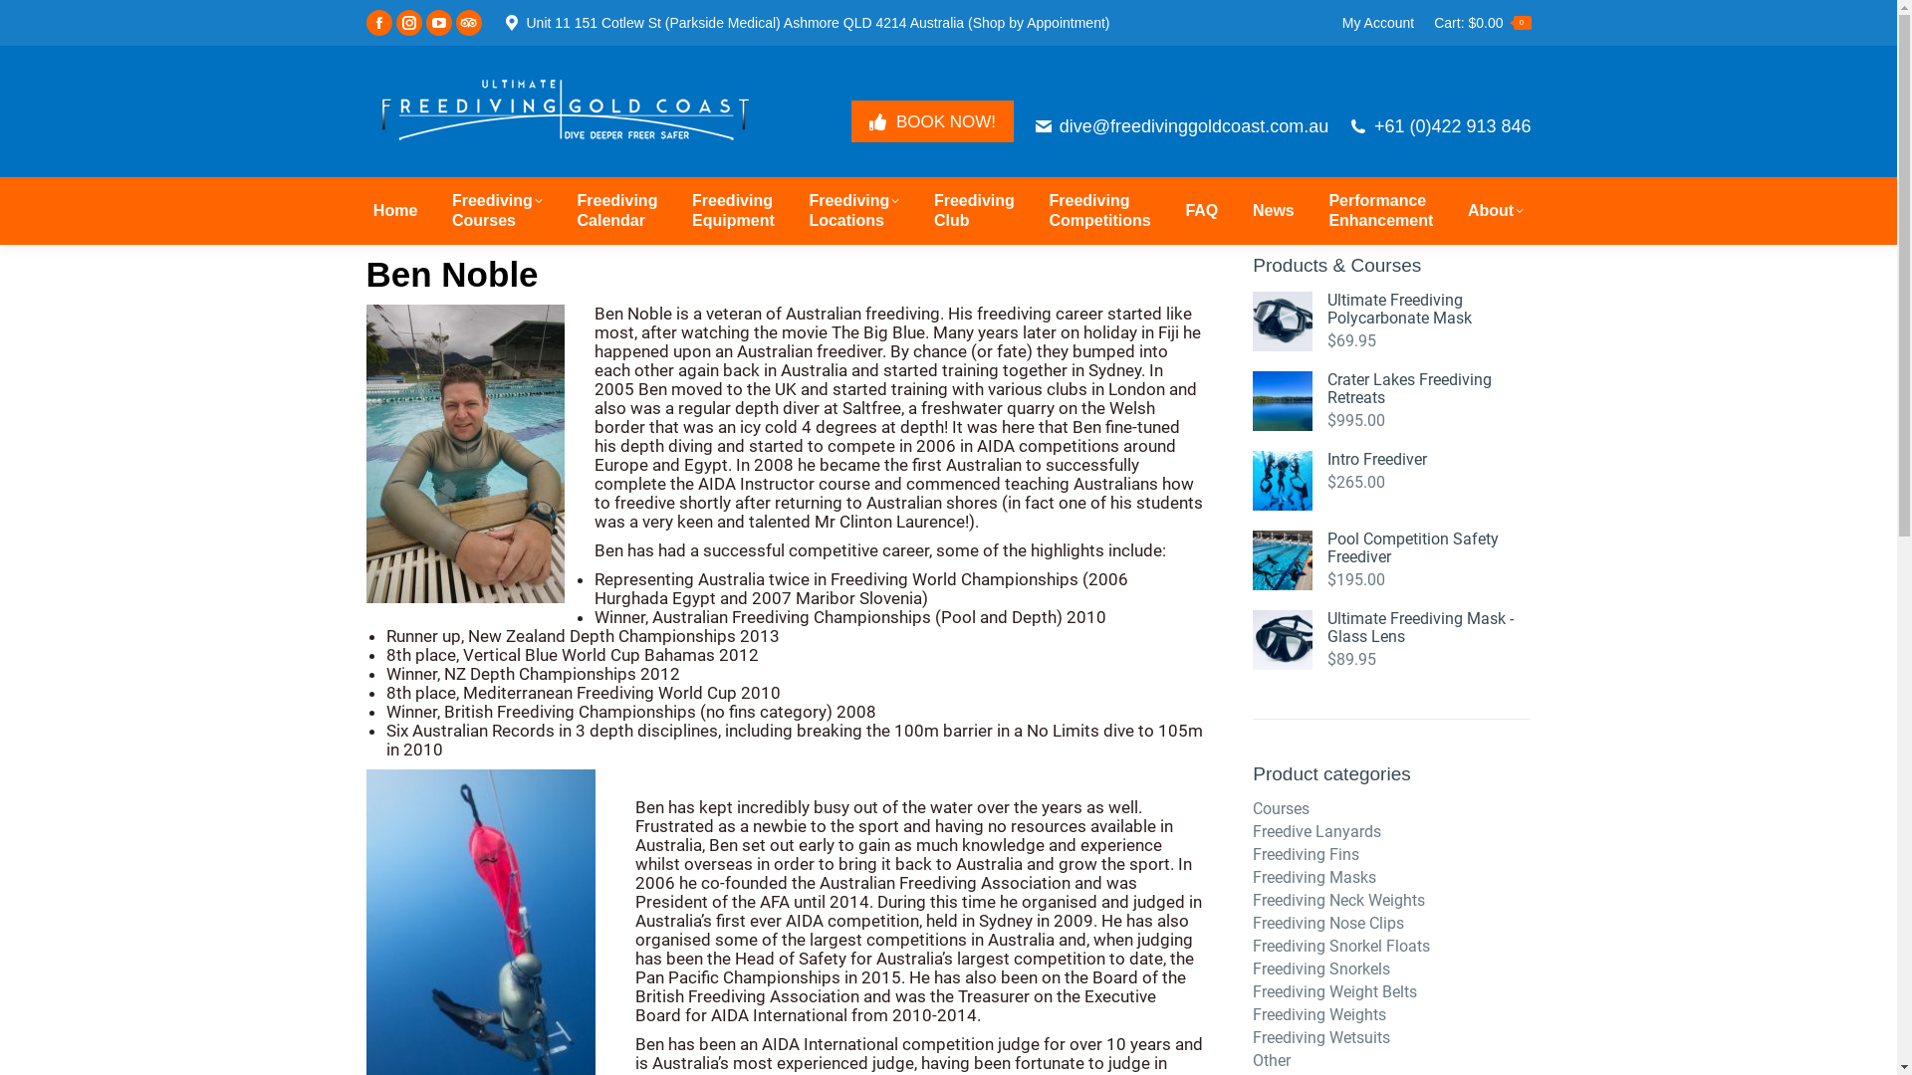 The width and height of the screenshot is (1912, 1075). I want to click on 'Freediving, so click(1098, 211).